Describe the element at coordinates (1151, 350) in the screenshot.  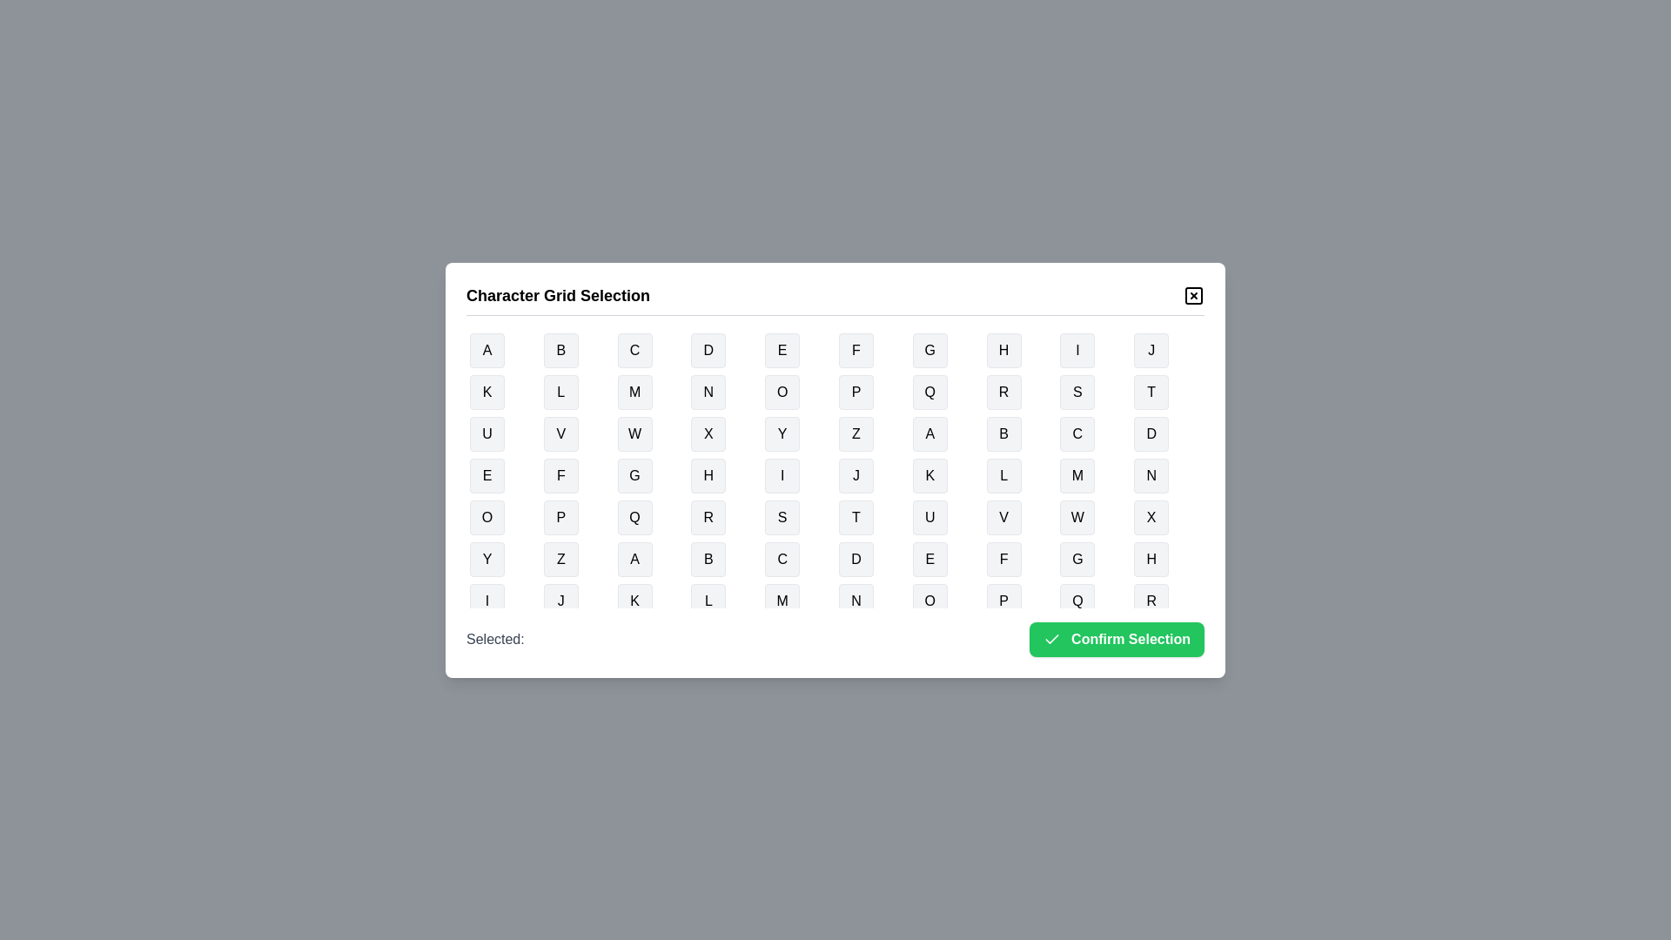
I see `the button representing the character J` at that location.